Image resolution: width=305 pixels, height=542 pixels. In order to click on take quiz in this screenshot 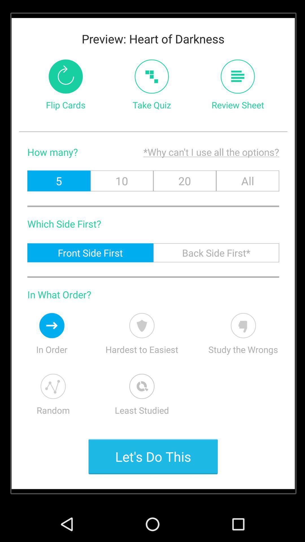, I will do `click(151, 76)`.